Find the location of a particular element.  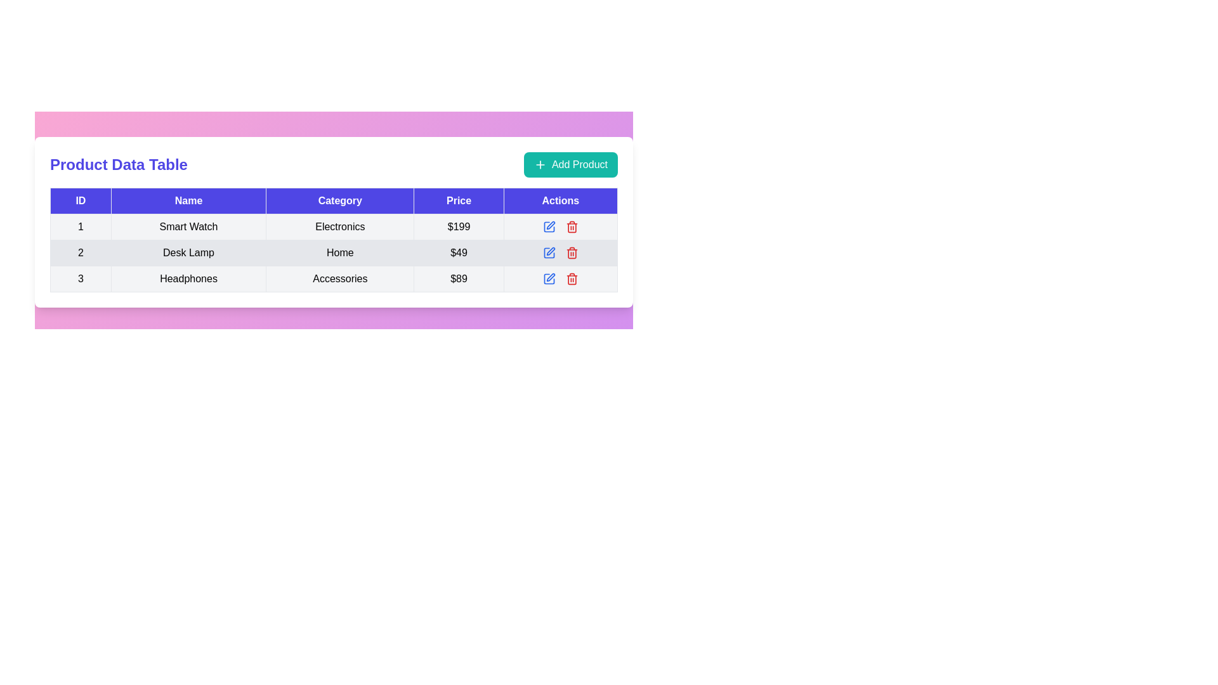

details of the Action control area located in the 'Actions' column of the second row of the Product Data Table, positioned between the 'Edit' and 'Delete' icons is located at coordinates (560, 252).